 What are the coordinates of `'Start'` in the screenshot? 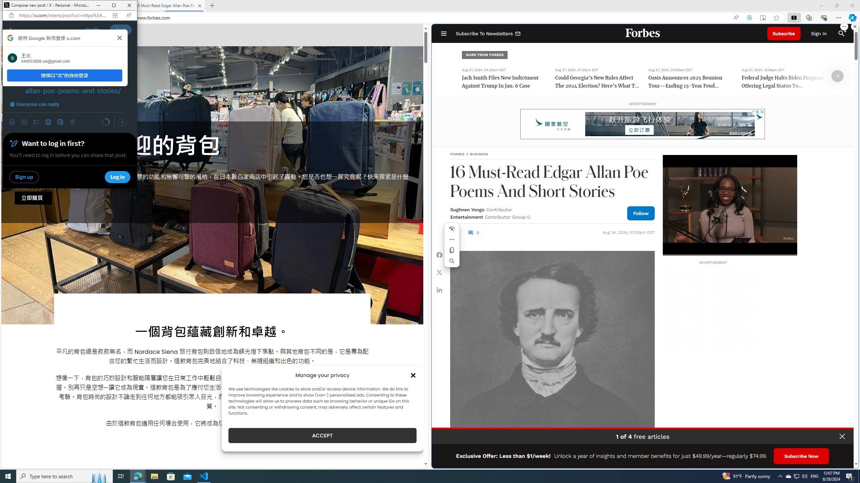 It's located at (8, 476).